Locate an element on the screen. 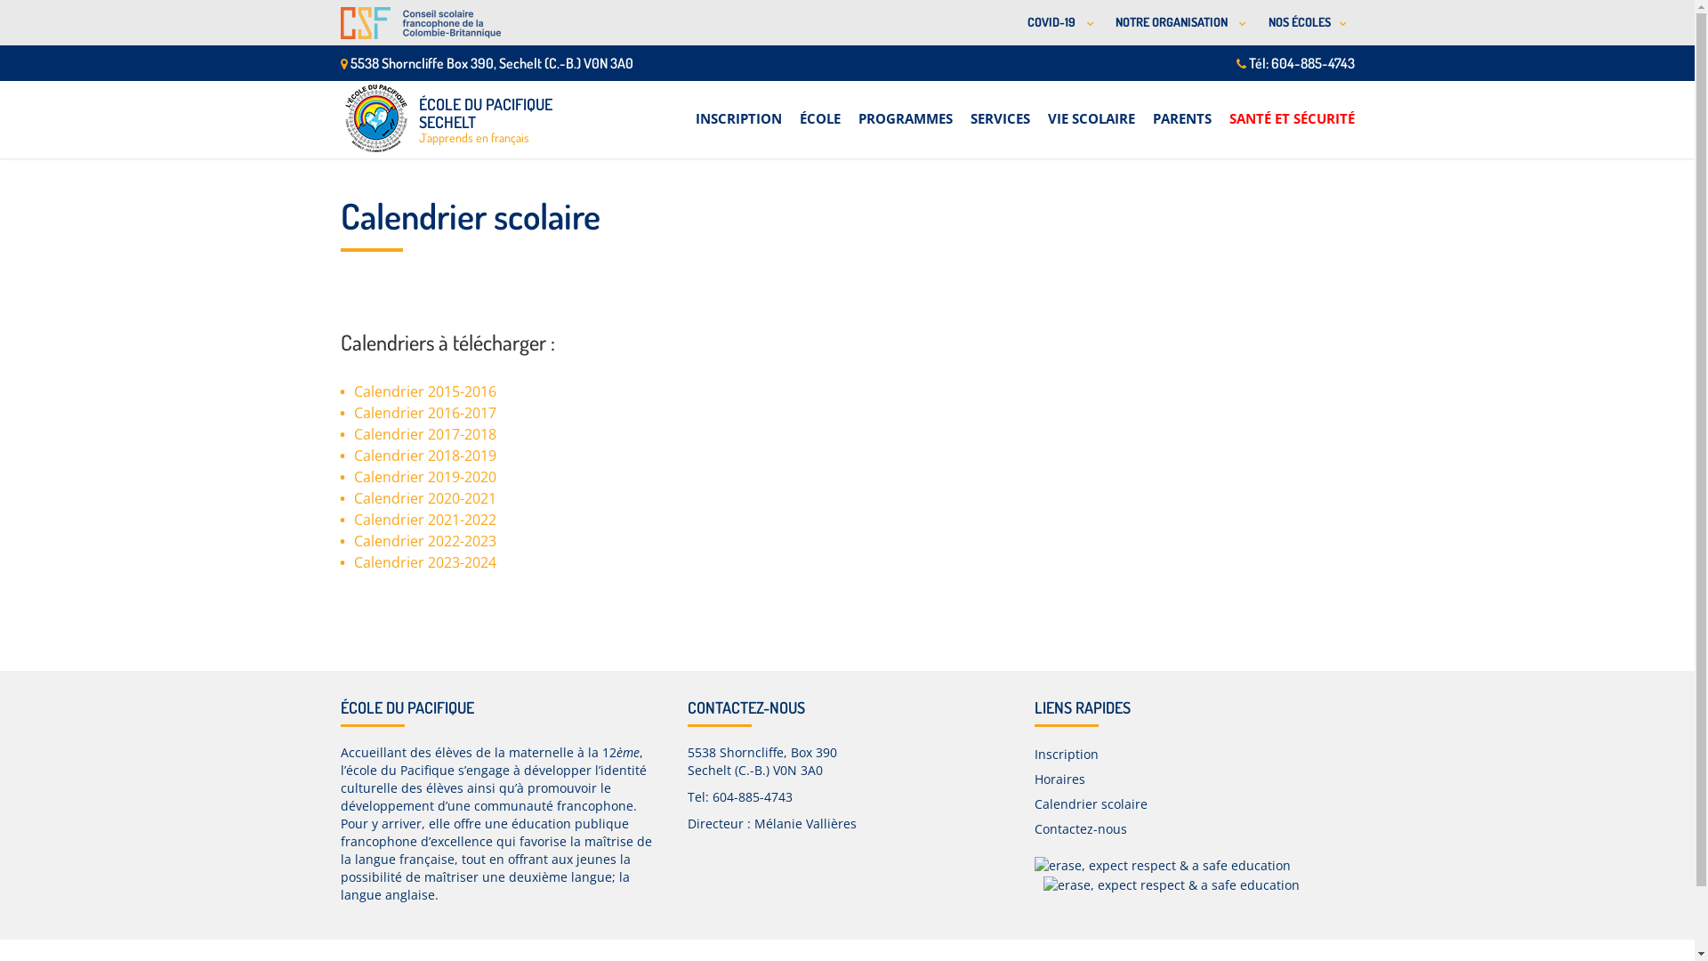 This screenshot has width=1708, height=961. 'PROGRAMMES' is located at coordinates (905, 109).